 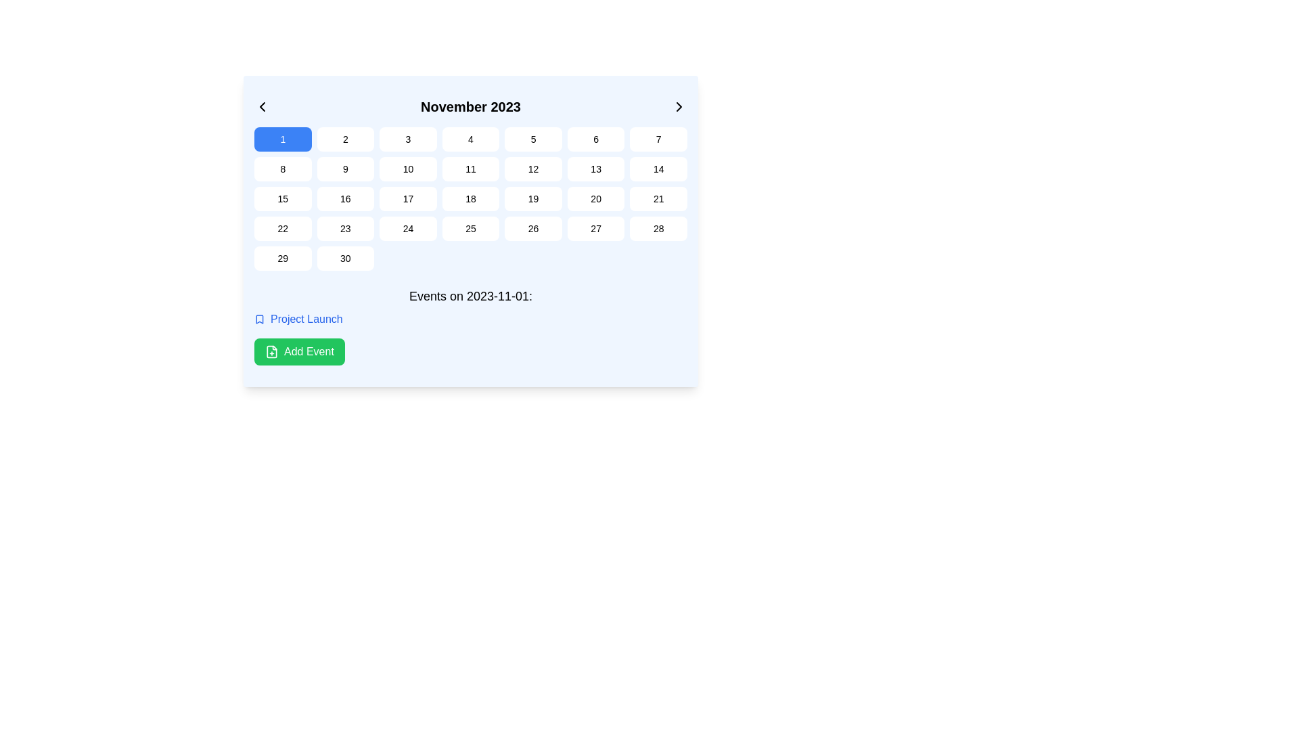 What do you see at coordinates (407, 139) in the screenshot?
I see `the calendar date box displaying the number '3'` at bounding box center [407, 139].